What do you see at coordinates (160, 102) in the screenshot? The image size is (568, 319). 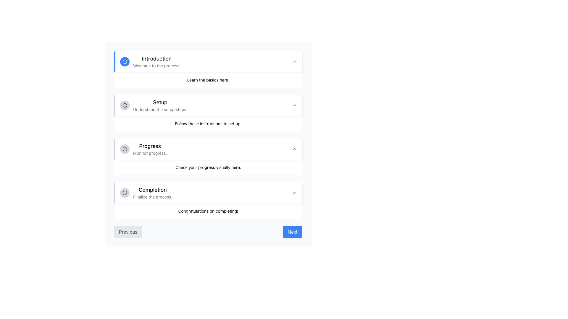 I see `the medium-sized, bold text label that reads 'Setup', which is visually distinct in black color and located near the center of the interface, slightly below 'Introduction'` at bounding box center [160, 102].